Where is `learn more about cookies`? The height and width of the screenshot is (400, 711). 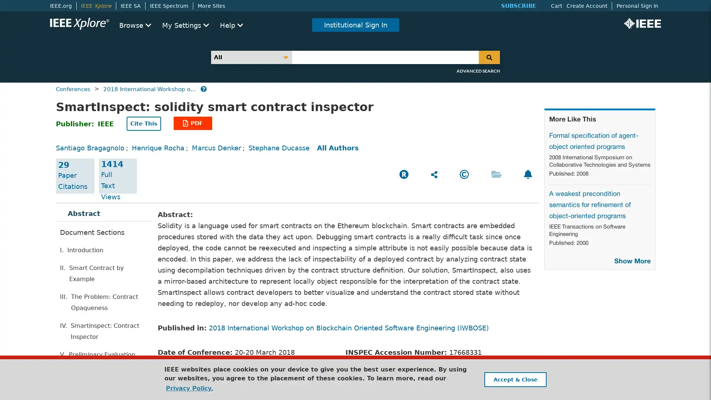 learn more about cookies is located at coordinates (189, 388).